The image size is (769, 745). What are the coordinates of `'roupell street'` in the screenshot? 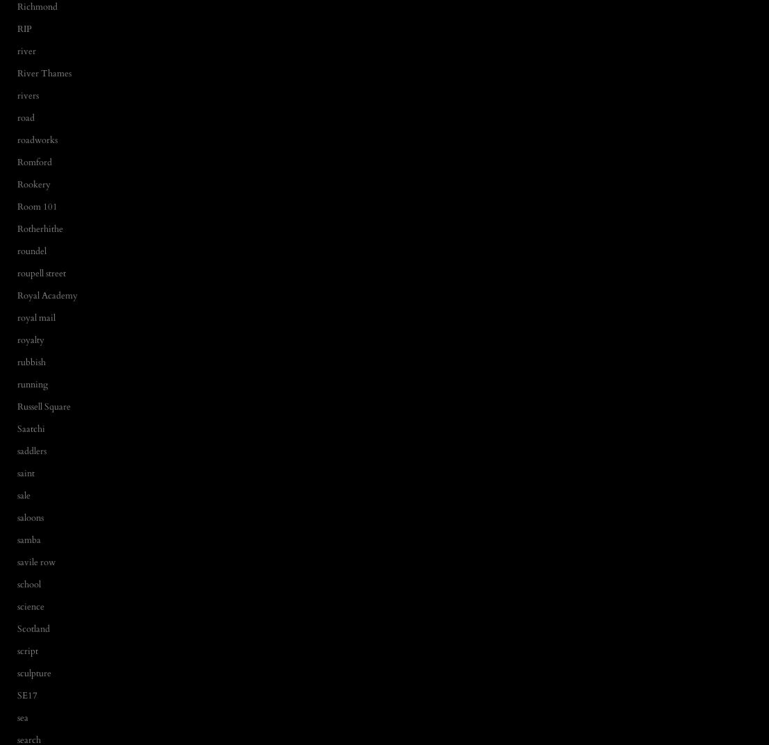 It's located at (41, 272).